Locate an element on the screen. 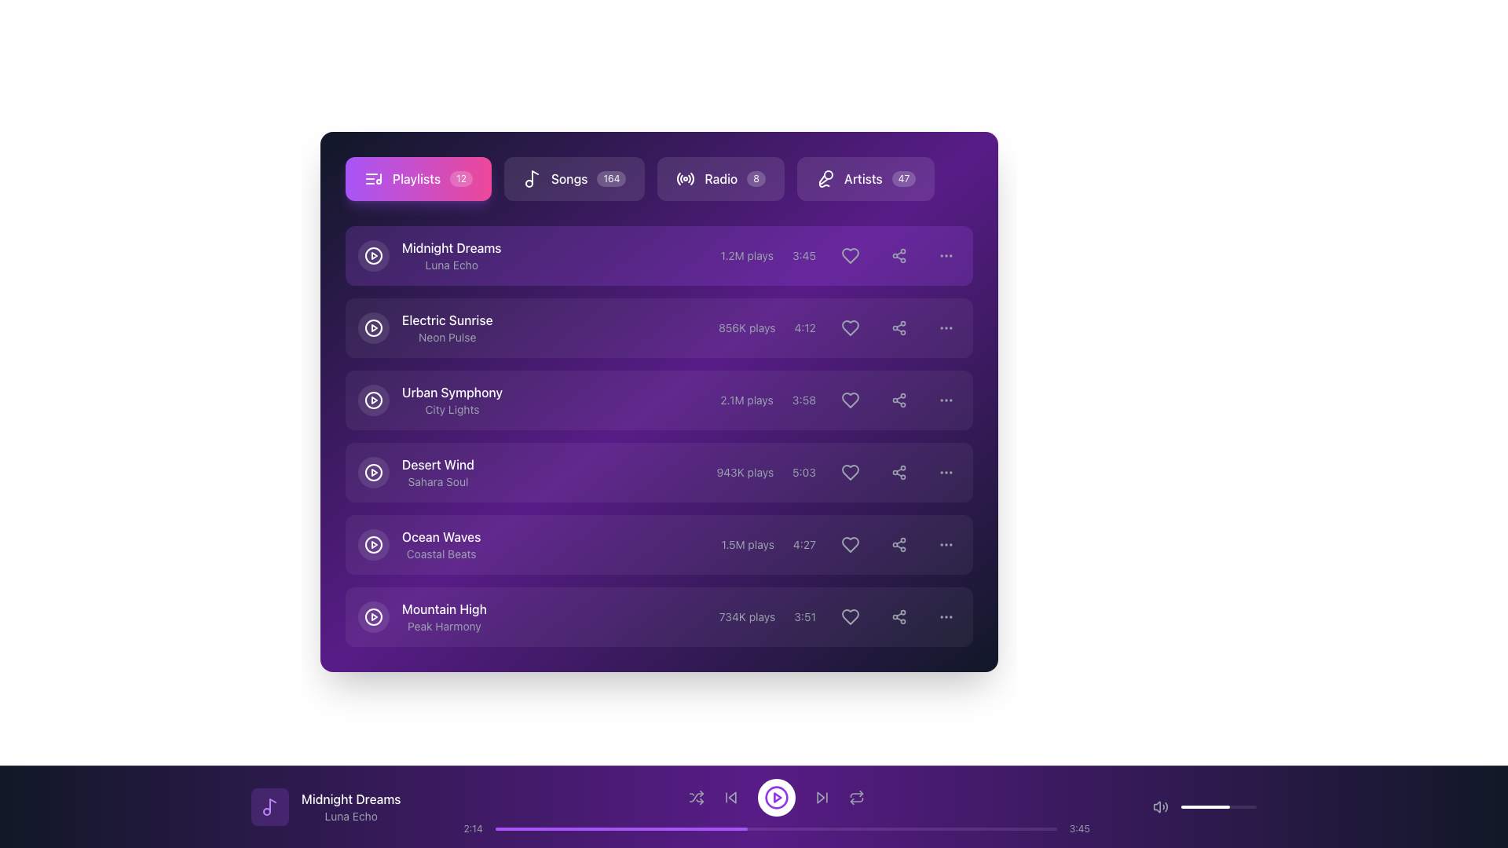 This screenshot has width=1508, height=848. the 'Radio' button, which is the third interactive option in the toolbar, positioned between the 'Songs' button and the 'Artists' button is located at coordinates (720, 177).